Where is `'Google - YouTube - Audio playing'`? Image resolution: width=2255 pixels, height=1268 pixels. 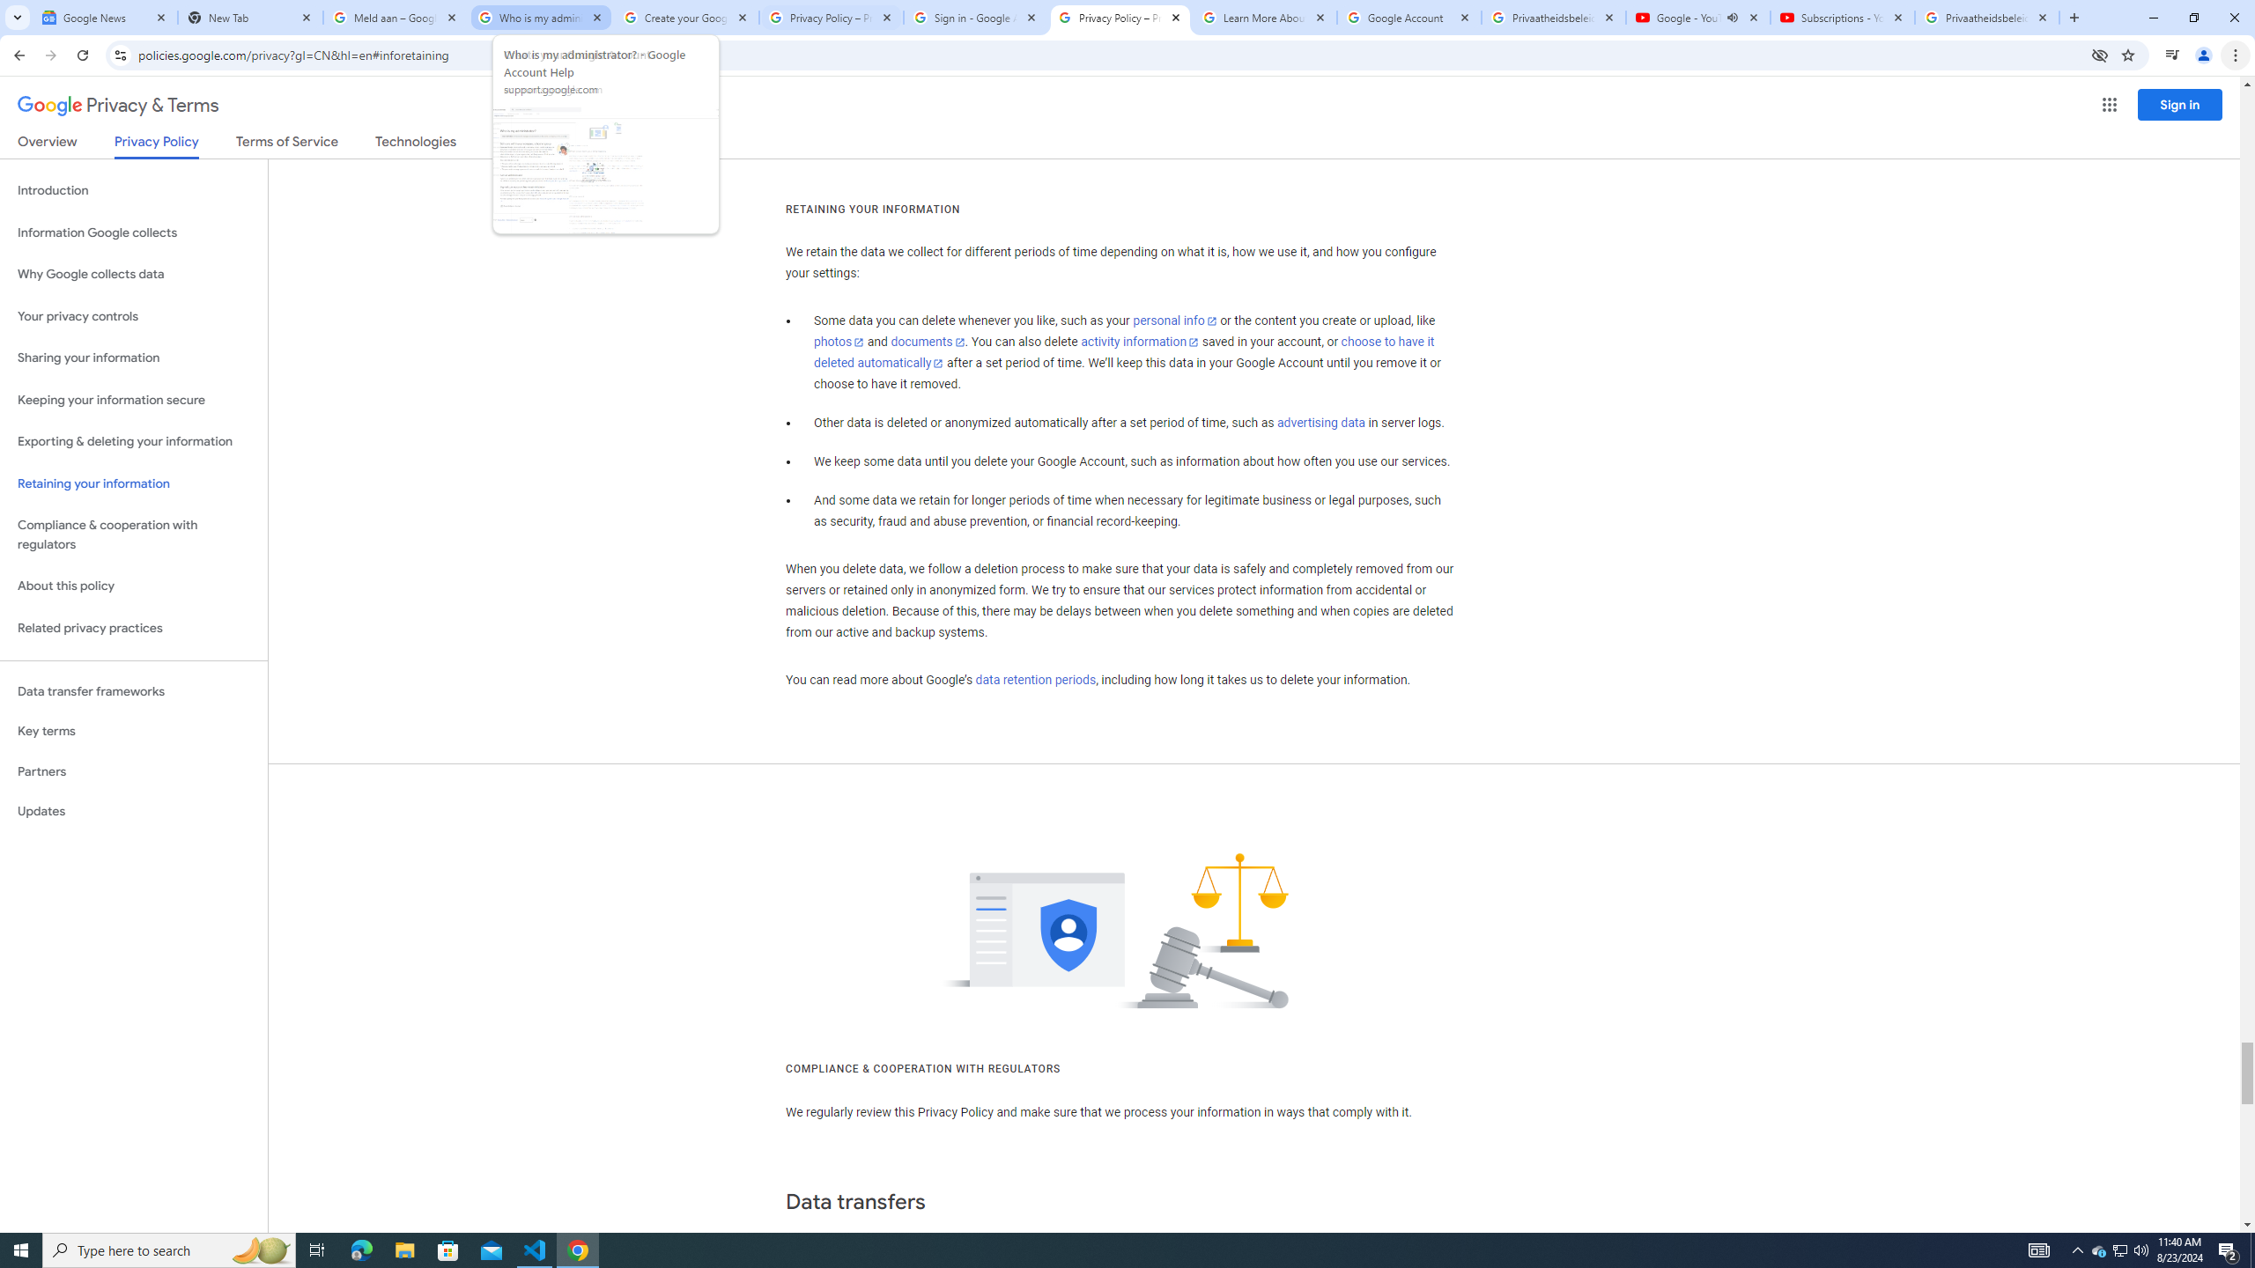
'Google - YouTube - Audio playing' is located at coordinates (1698, 17).